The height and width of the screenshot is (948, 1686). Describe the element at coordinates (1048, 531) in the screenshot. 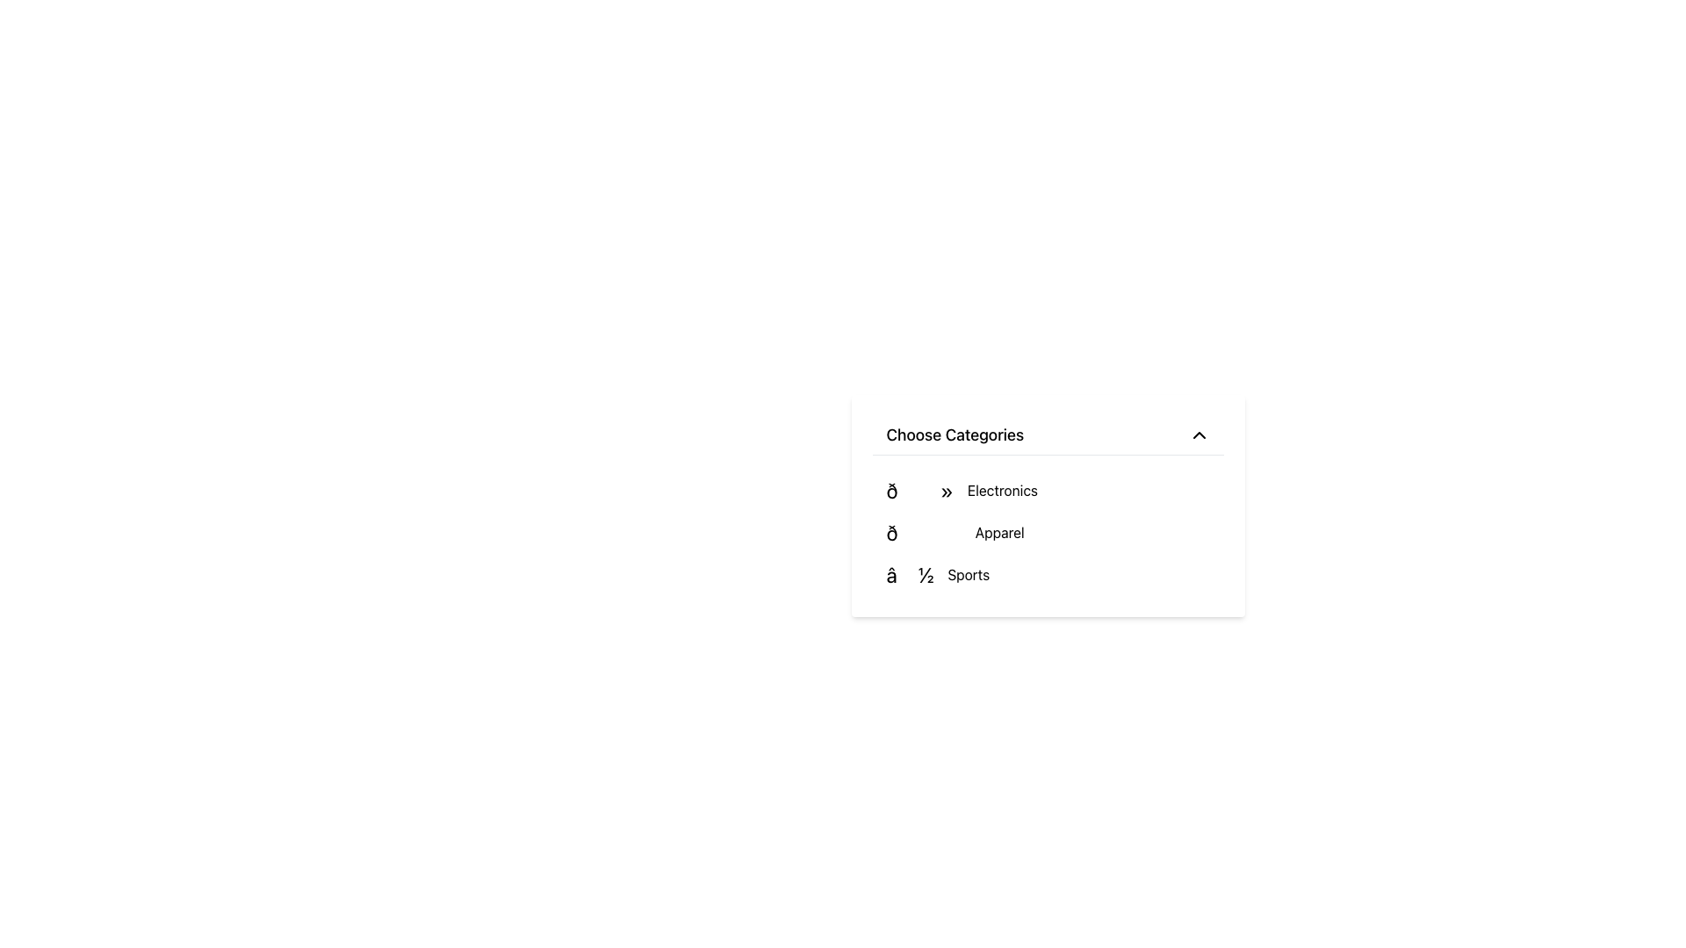

I see `the 'Apparel' category item in the dropdown menu using keyboard navigation for accessibility. This item is the second option in the dropdown, positioned between 'Electronics' and 'Sports'` at that location.